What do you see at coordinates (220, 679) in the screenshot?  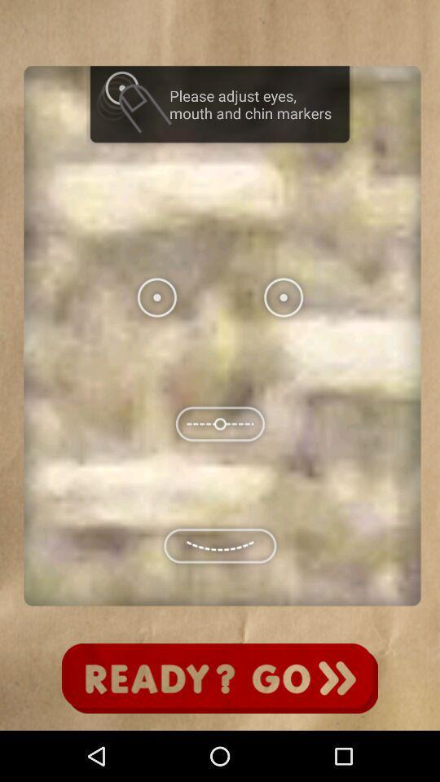 I see `go button` at bounding box center [220, 679].